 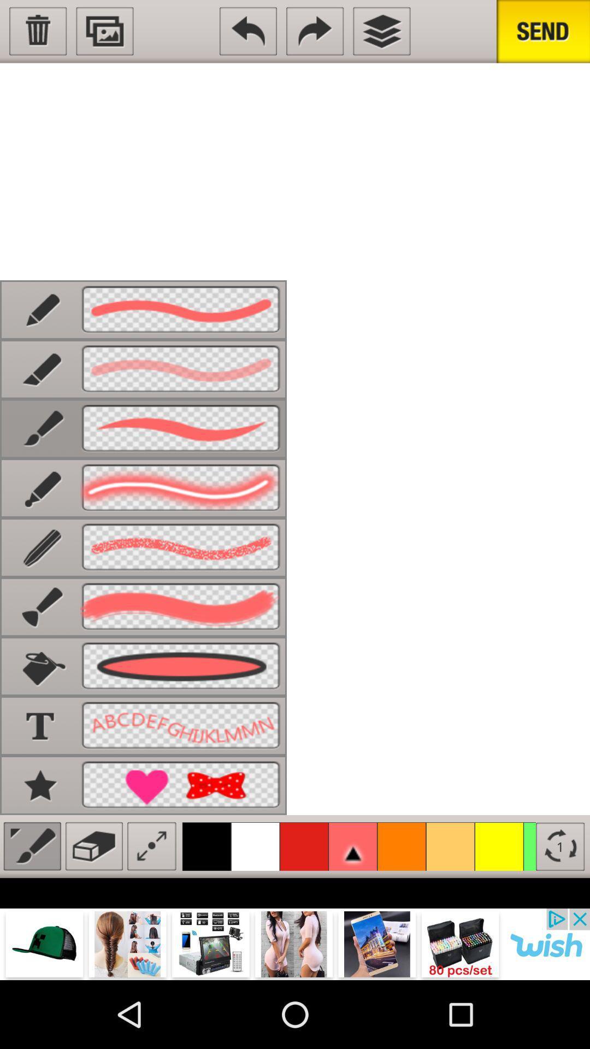 I want to click on tool options, so click(x=32, y=846).